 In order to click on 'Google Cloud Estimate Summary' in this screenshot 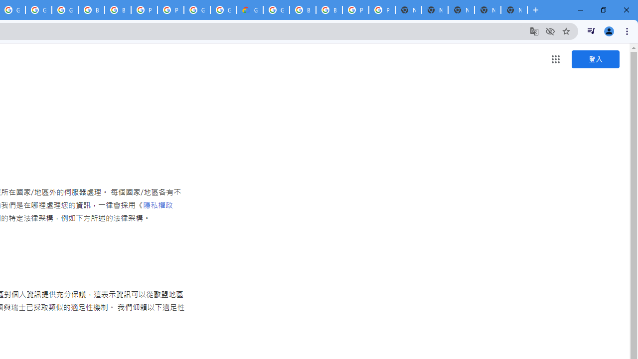, I will do `click(250, 10)`.